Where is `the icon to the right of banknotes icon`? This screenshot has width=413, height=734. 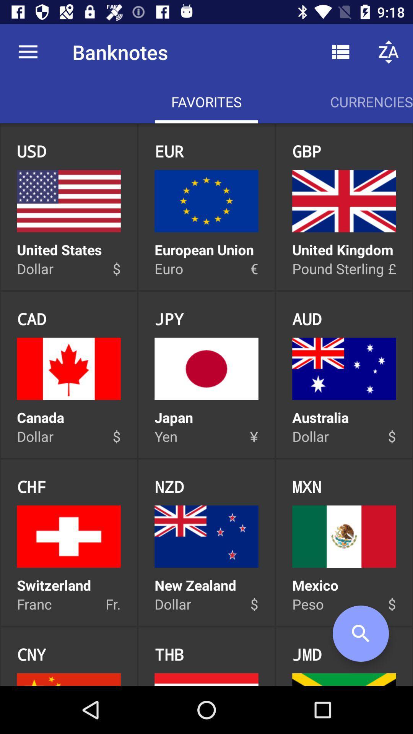 the icon to the right of banknotes icon is located at coordinates (340, 52).